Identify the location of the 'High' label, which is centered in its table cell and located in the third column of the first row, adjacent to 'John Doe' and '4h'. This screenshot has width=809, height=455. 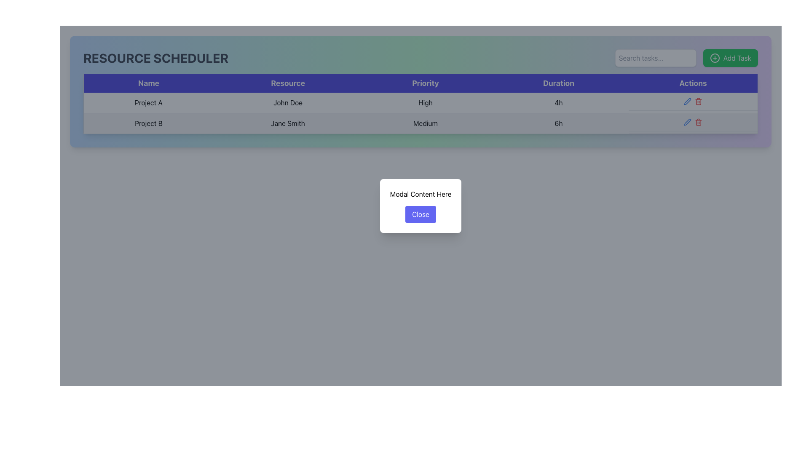
(421, 102).